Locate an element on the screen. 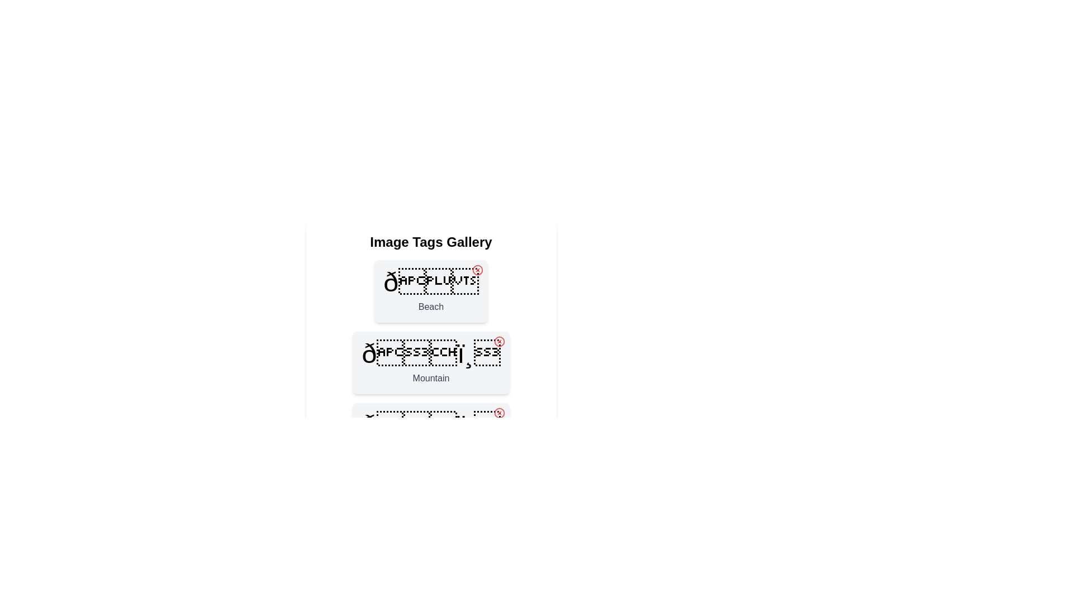 Image resolution: width=1073 pixels, height=603 pixels. the emoji associated with the tag City is located at coordinates (430, 425).